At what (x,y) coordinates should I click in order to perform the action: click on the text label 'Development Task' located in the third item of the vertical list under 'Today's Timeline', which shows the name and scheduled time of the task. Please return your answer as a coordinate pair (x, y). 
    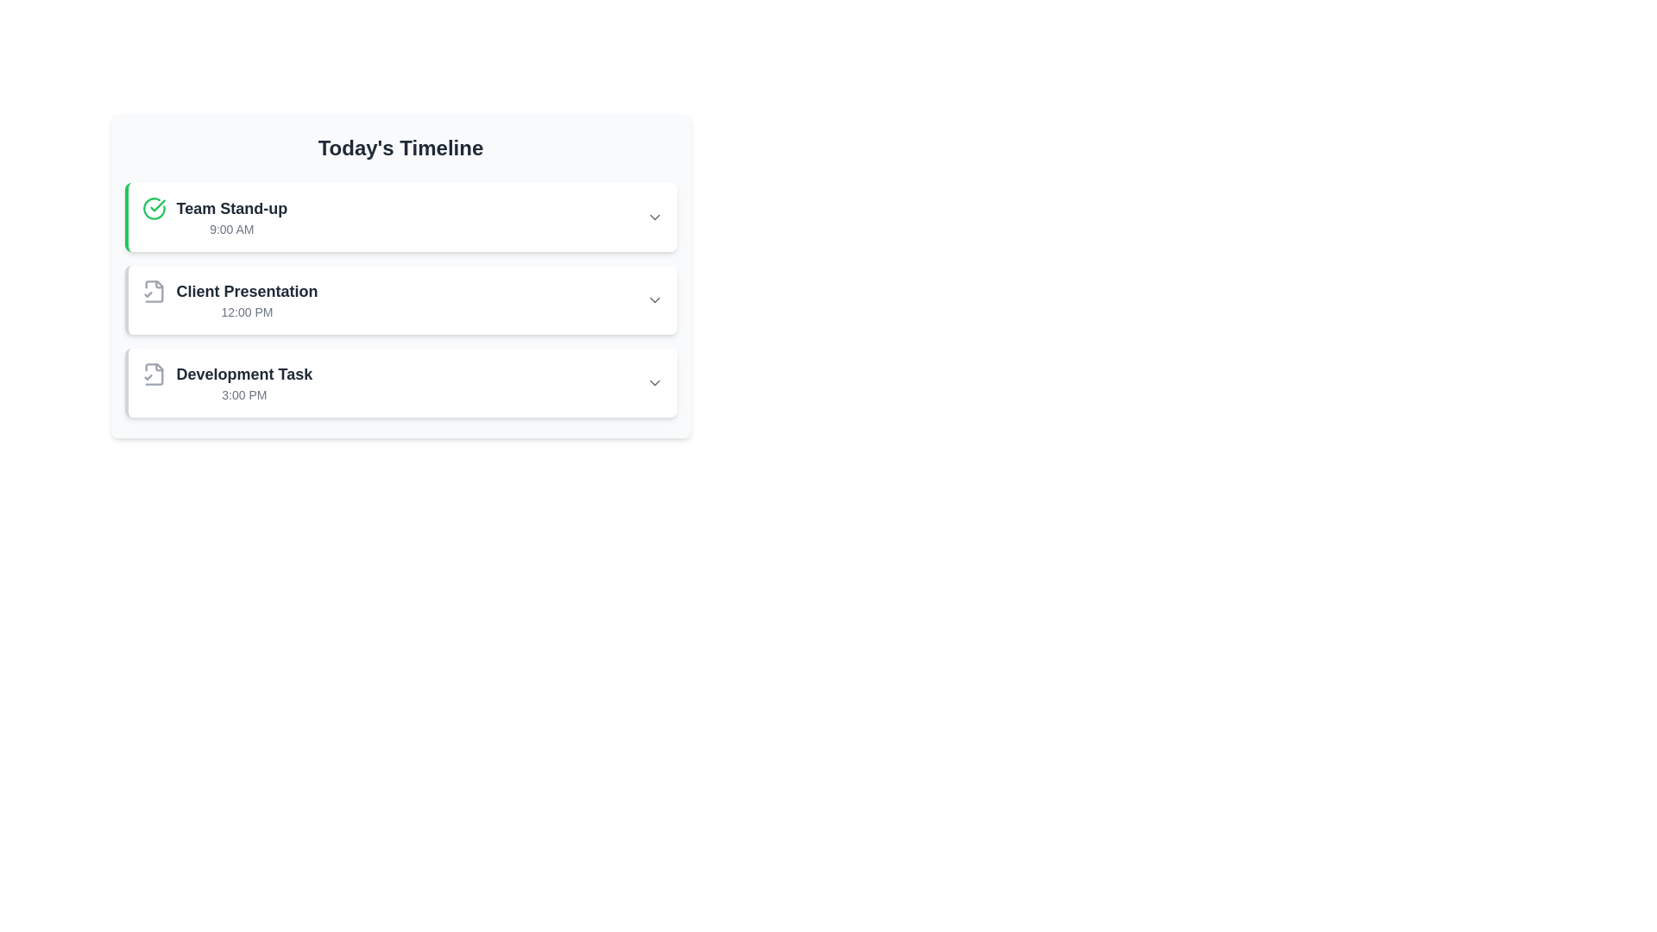
    Looking at the image, I should click on (243, 381).